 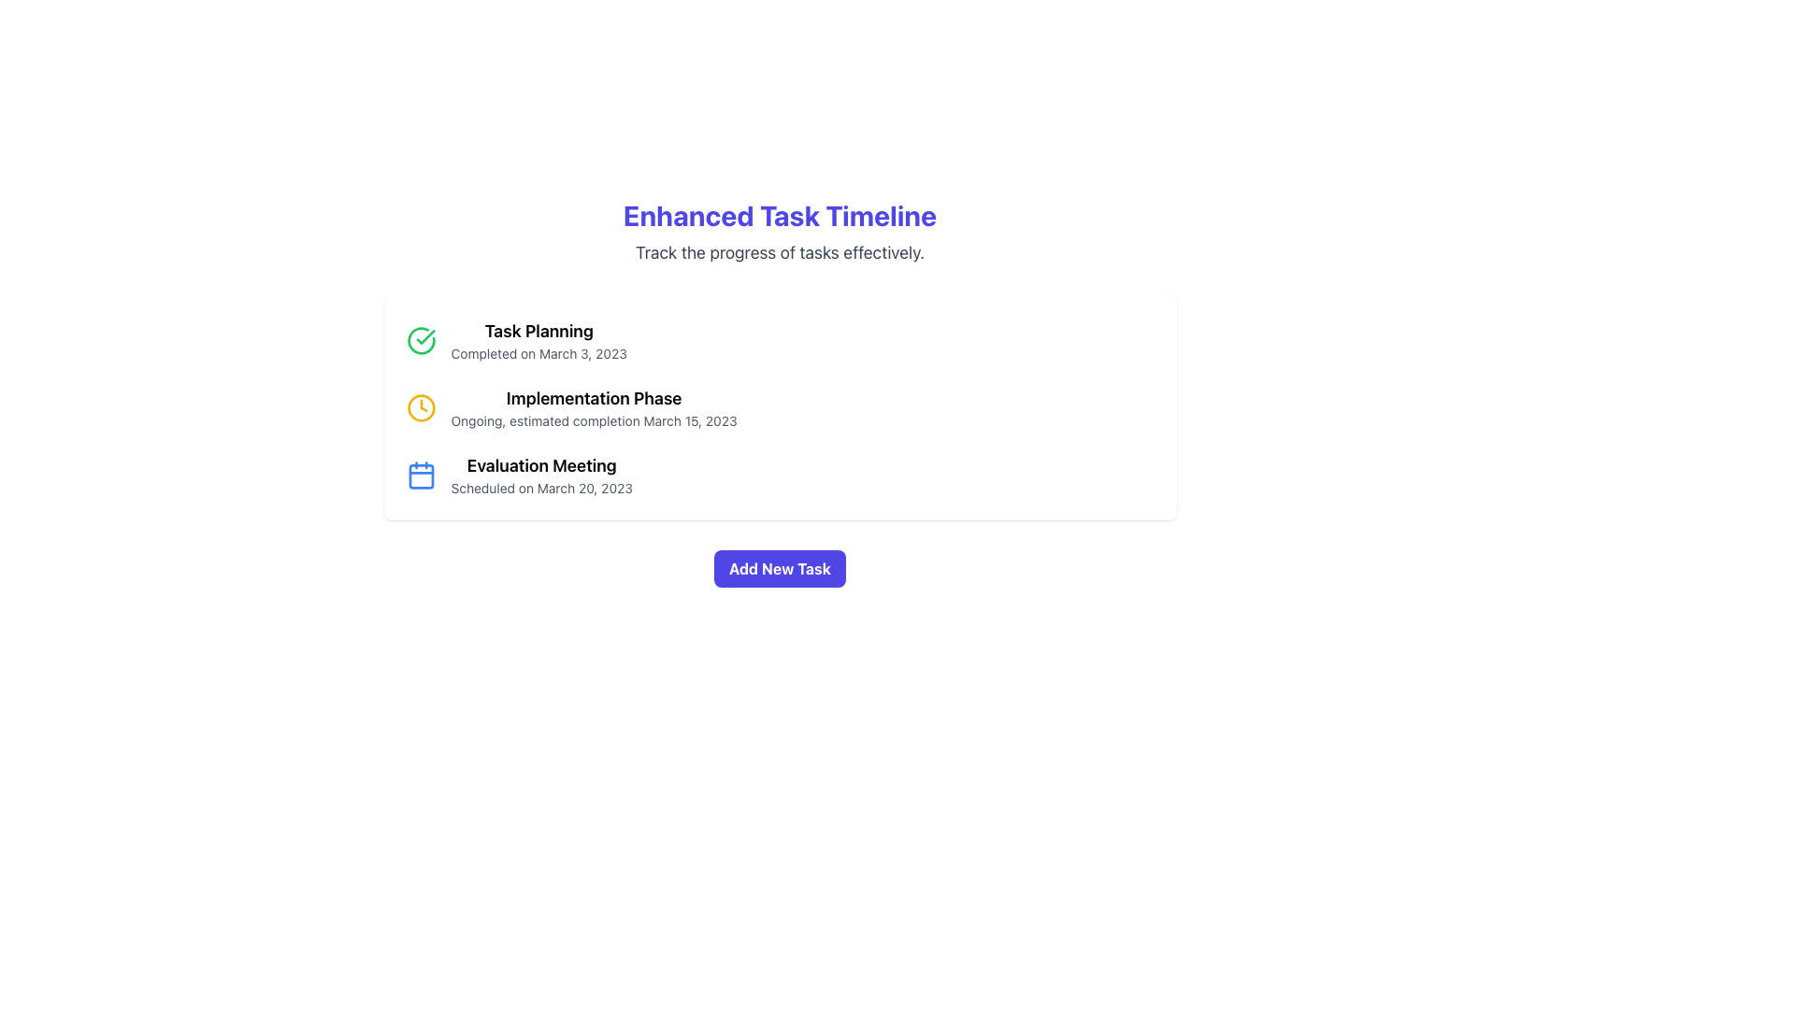 What do you see at coordinates (424, 337) in the screenshot?
I see `the completion status icon for the 'Task Planning' task to associate it with its task item` at bounding box center [424, 337].